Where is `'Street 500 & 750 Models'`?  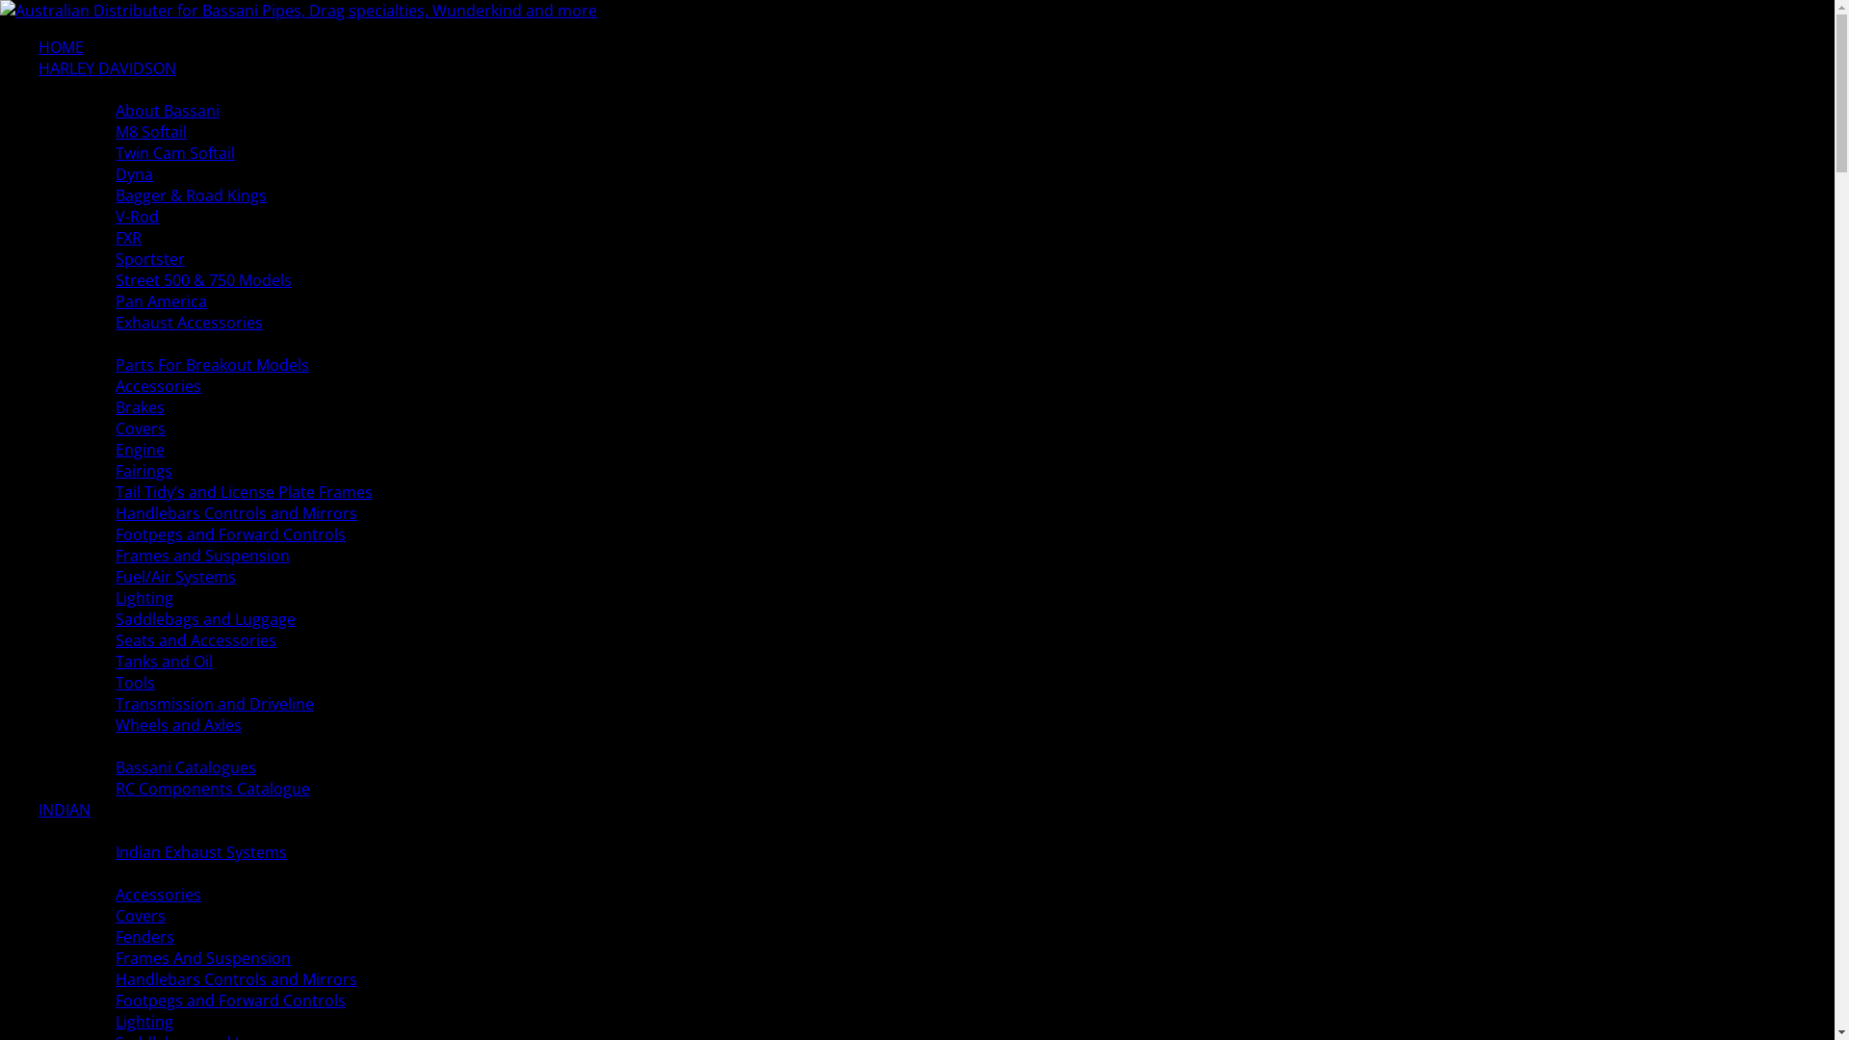 'Street 500 & 750 Models' is located at coordinates (203, 279).